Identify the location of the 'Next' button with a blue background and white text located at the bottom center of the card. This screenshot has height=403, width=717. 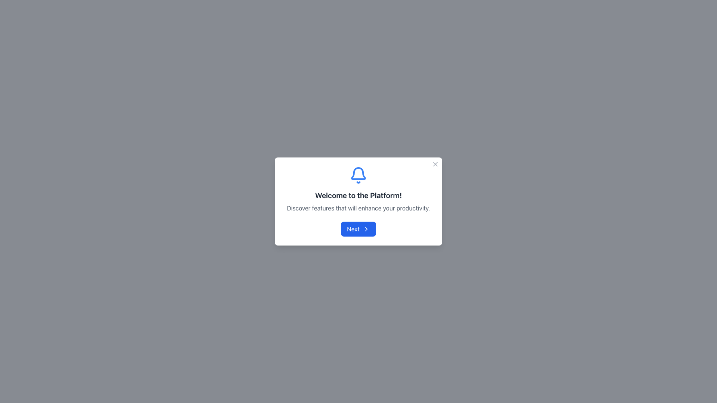
(358, 228).